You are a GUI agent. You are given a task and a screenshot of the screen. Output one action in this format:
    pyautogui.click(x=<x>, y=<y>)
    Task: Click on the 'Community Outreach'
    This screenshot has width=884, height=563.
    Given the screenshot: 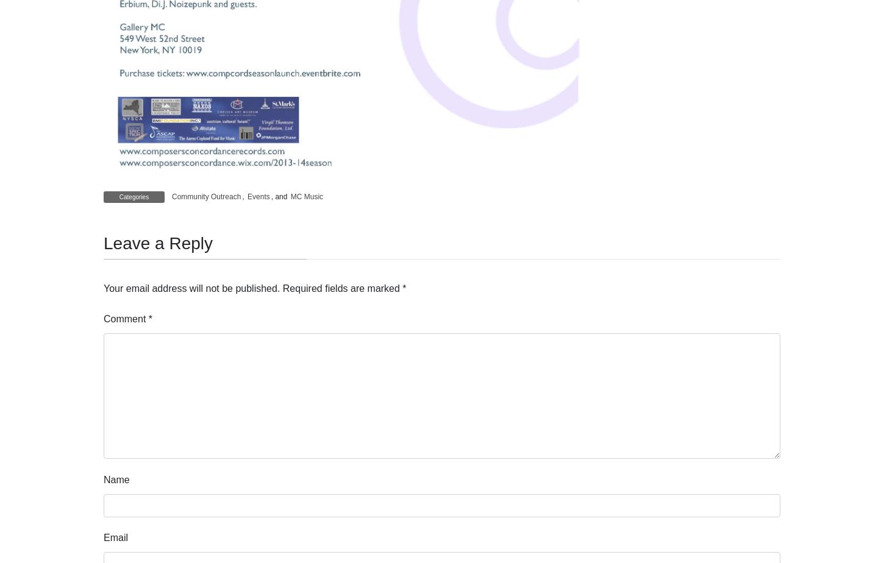 What is the action you would take?
    pyautogui.click(x=172, y=197)
    